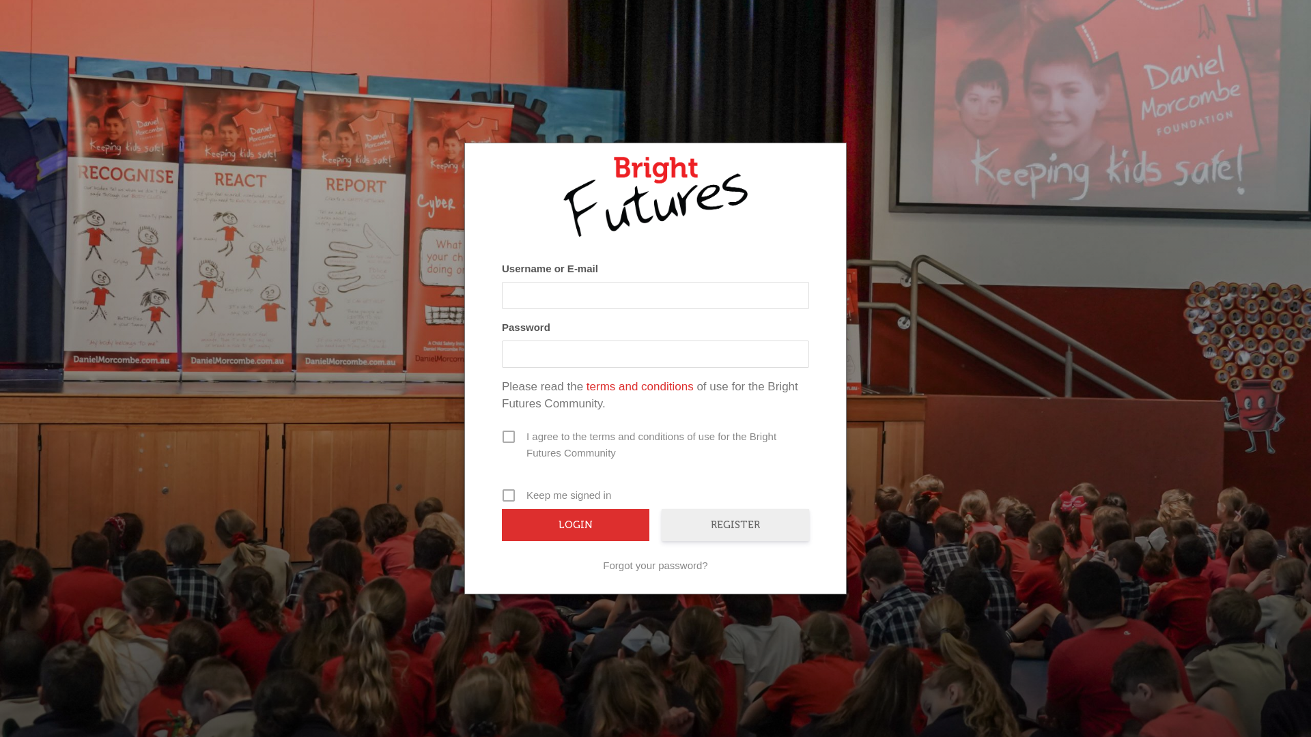  What do you see at coordinates (734, 524) in the screenshot?
I see `'REGISTER'` at bounding box center [734, 524].